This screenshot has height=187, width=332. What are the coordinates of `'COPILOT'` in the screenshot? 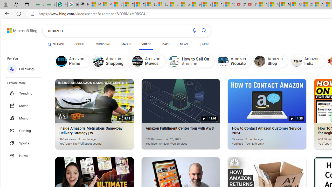 It's located at (80, 44).